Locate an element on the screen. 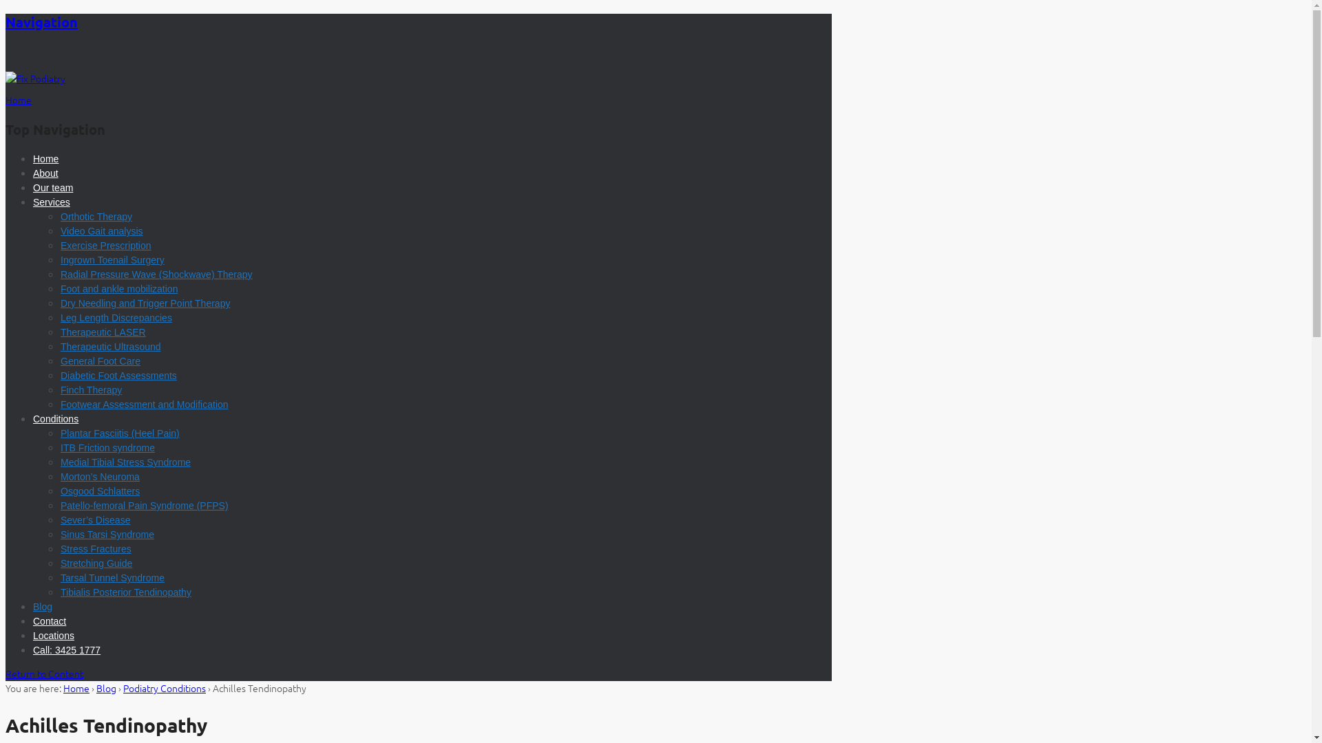 This screenshot has height=743, width=1322. 'About' is located at coordinates (45, 172).